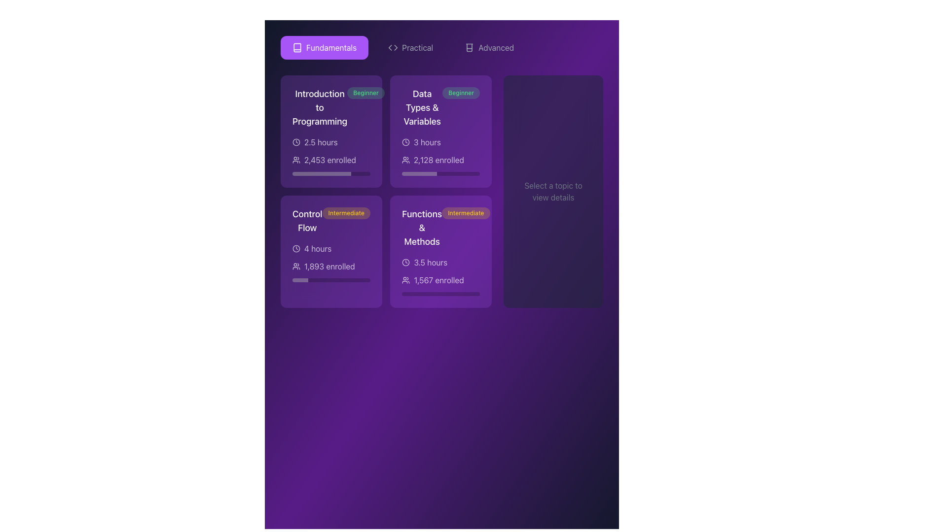  What do you see at coordinates (295, 266) in the screenshot?
I see `the icon representing enrollment participants, which is located to the left of the text '1,893 enrolled' within the bottom-left quadrant of the 'Control Flow' card` at bounding box center [295, 266].